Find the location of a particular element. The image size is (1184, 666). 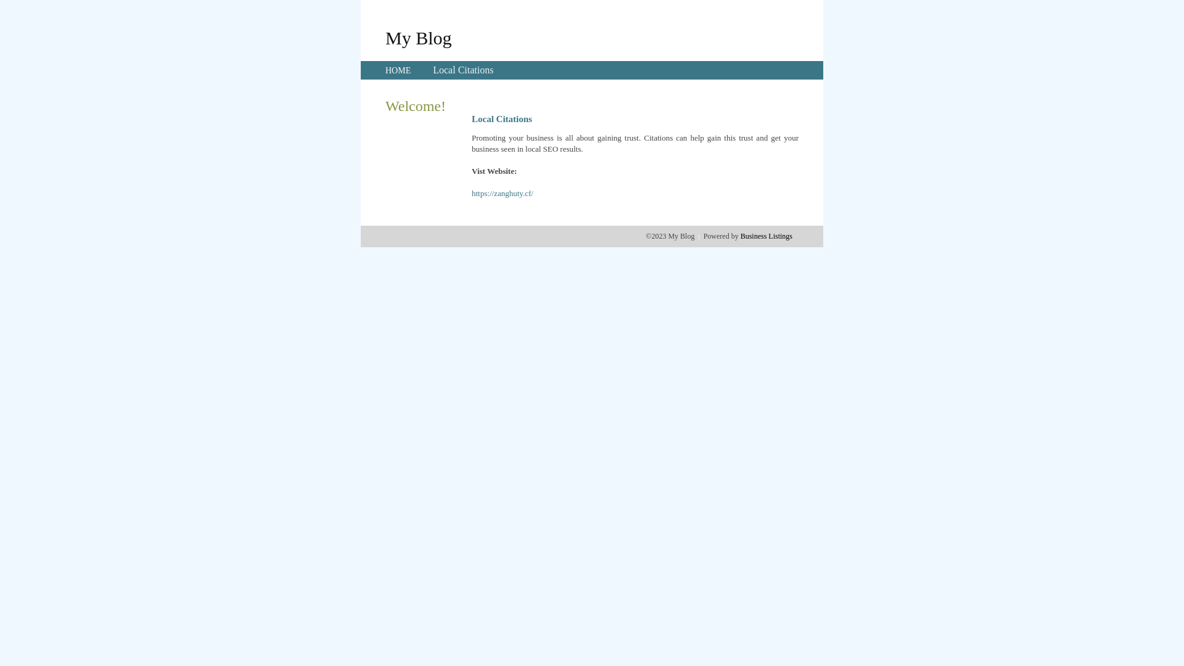

'My Blog' is located at coordinates (418, 37).